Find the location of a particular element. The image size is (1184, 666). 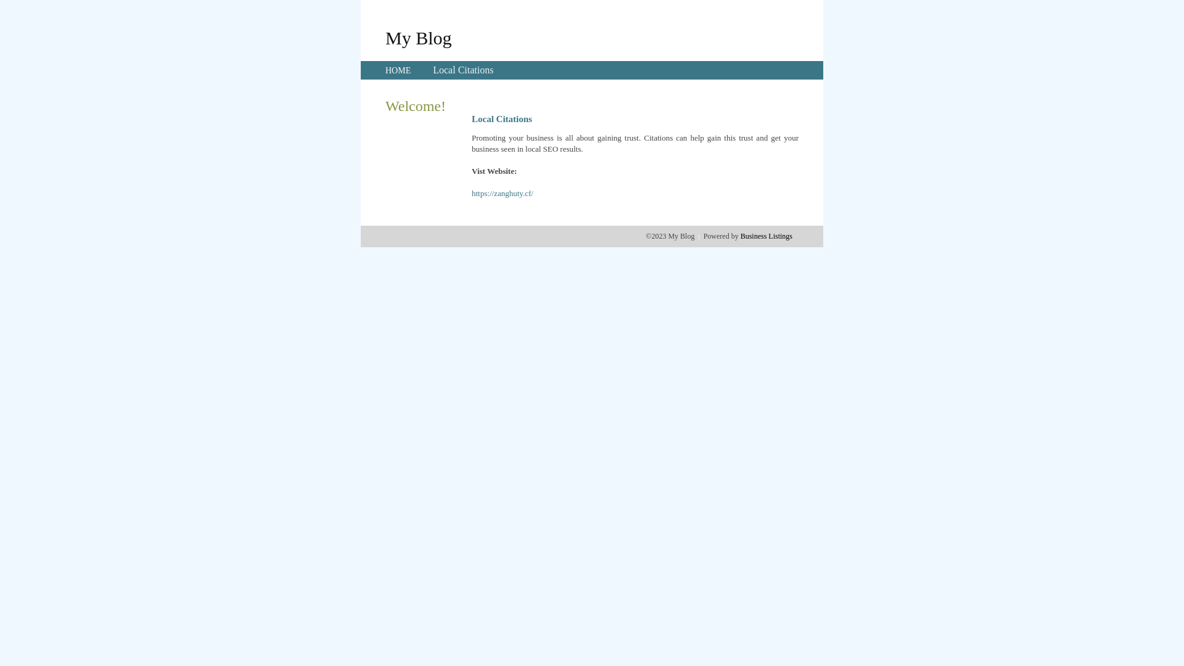

'My Blog' is located at coordinates (418, 37).